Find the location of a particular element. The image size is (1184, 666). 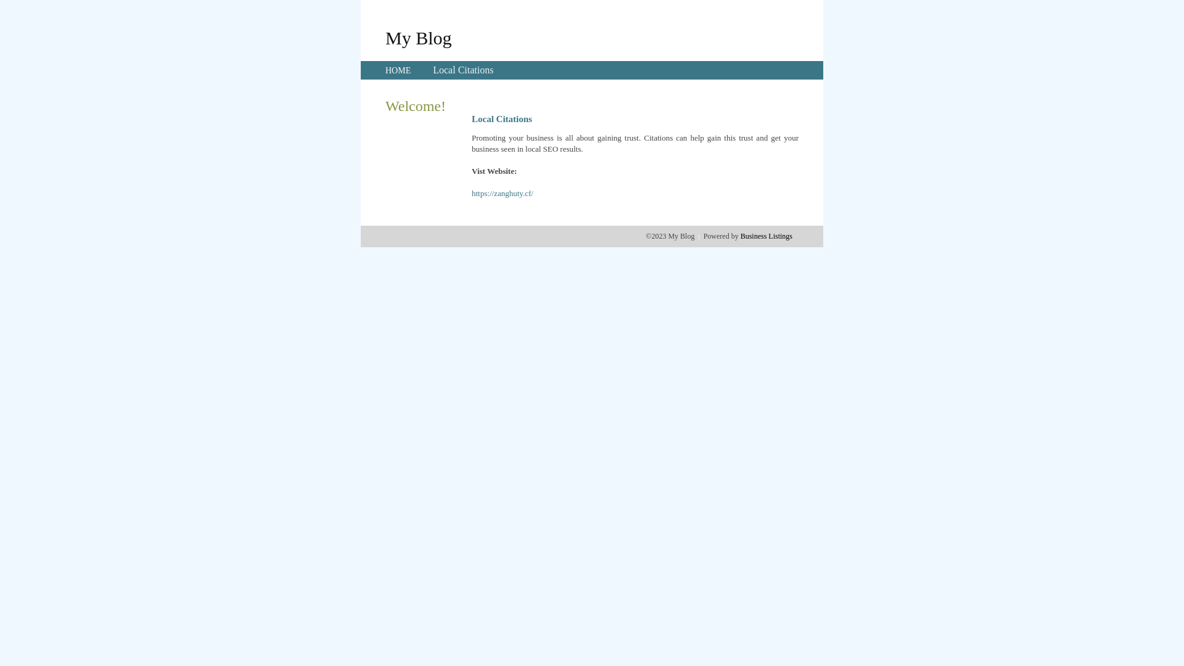

'My Blog' is located at coordinates (418, 37).